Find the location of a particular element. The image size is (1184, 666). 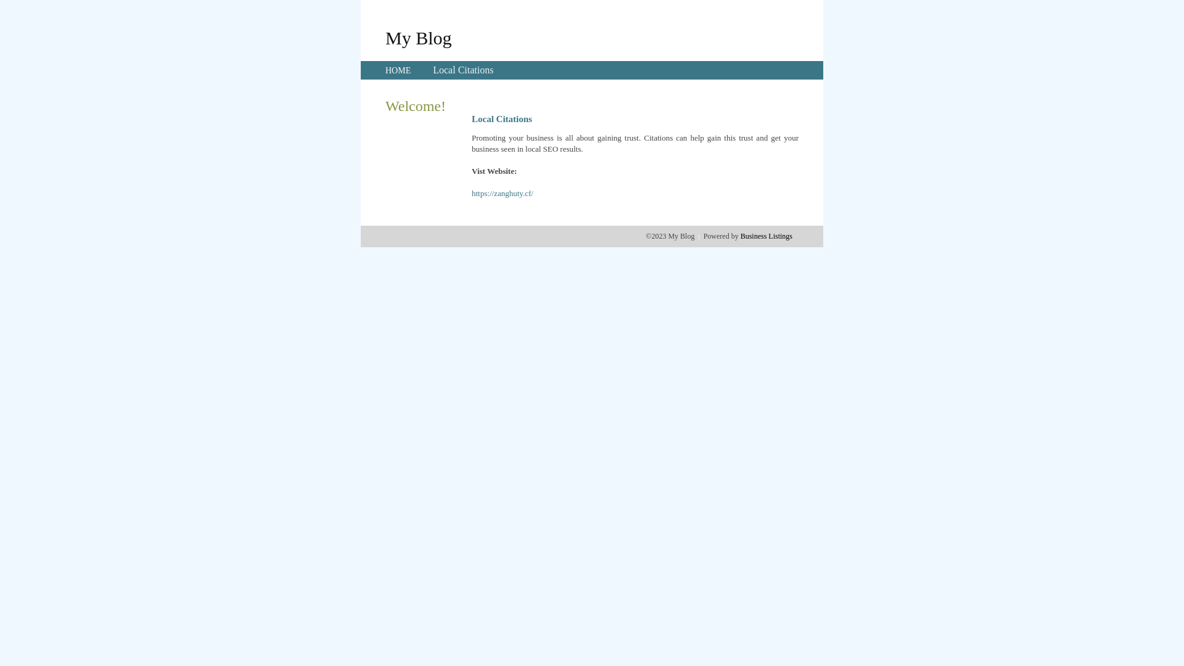

'My Blog' is located at coordinates (418, 37).